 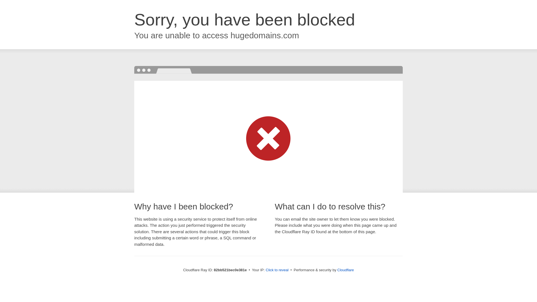 What do you see at coordinates (265, 270) in the screenshot?
I see `'Click to reveal'` at bounding box center [265, 270].